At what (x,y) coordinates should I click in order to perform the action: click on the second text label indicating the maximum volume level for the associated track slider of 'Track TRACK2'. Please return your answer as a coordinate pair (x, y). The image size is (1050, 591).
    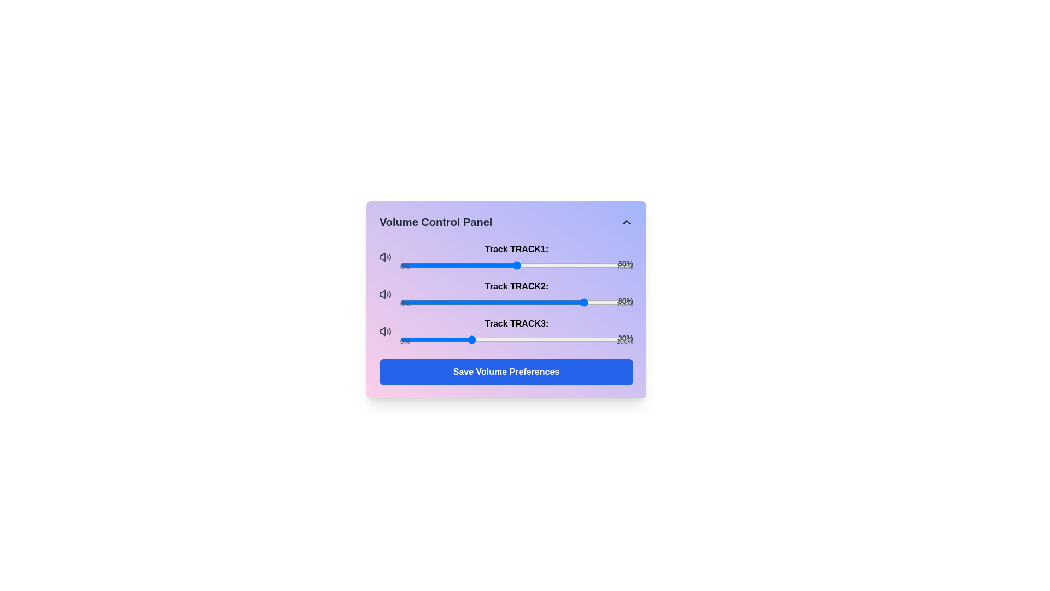
    Looking at the image, I should click on (625, 304).